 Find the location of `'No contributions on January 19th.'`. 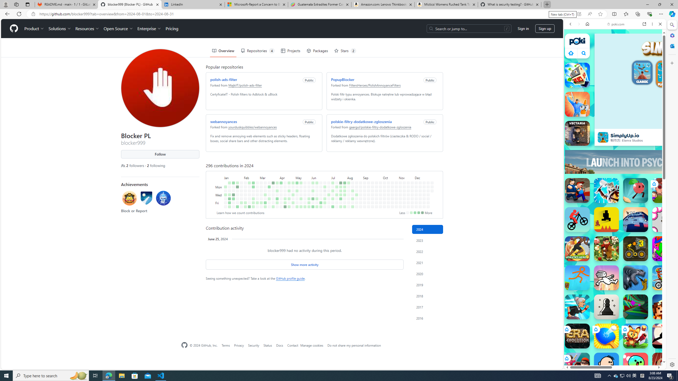

'No contributions on January 19th.' is located at coordinates (233, 202).